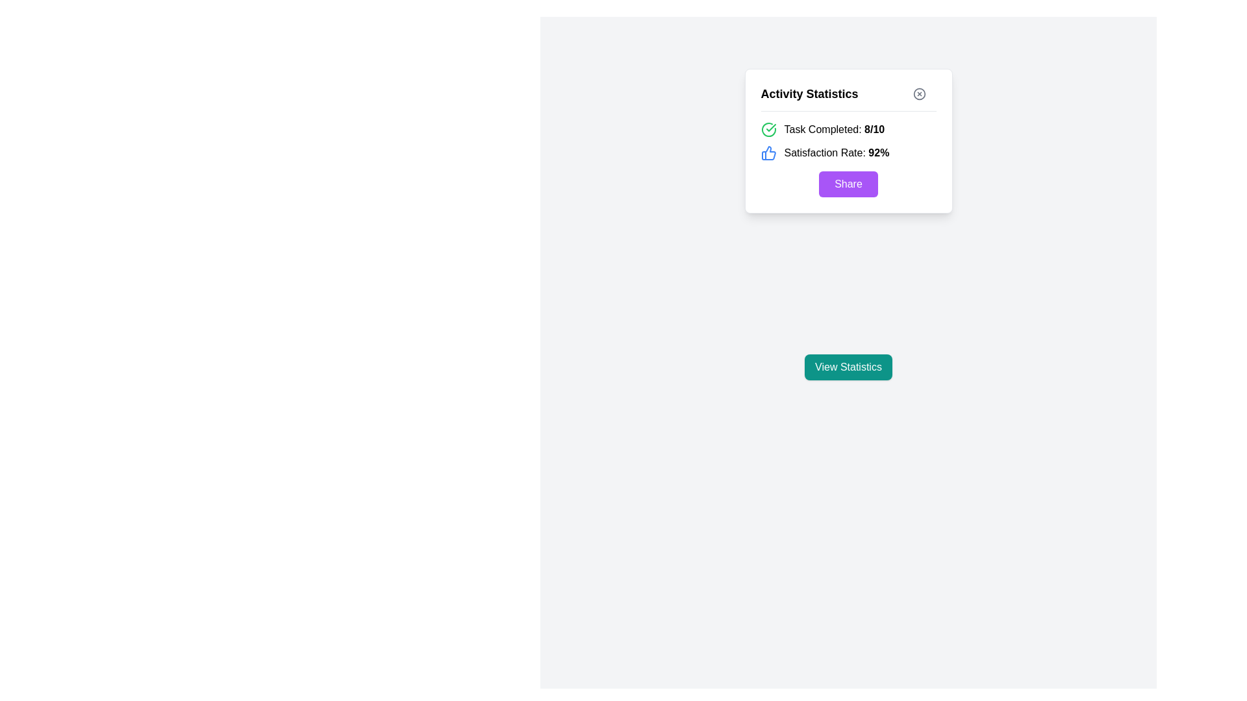 This screenshot has width=1247, height=701. What do you see at coordinates (848, 184) in the screenshot?
I see `the 'Share' button, which is a rectangular button with rounded corners, featuring a vibrant purple background and white text, located at the bottom of a card interface` at bounding box center [848, 184].